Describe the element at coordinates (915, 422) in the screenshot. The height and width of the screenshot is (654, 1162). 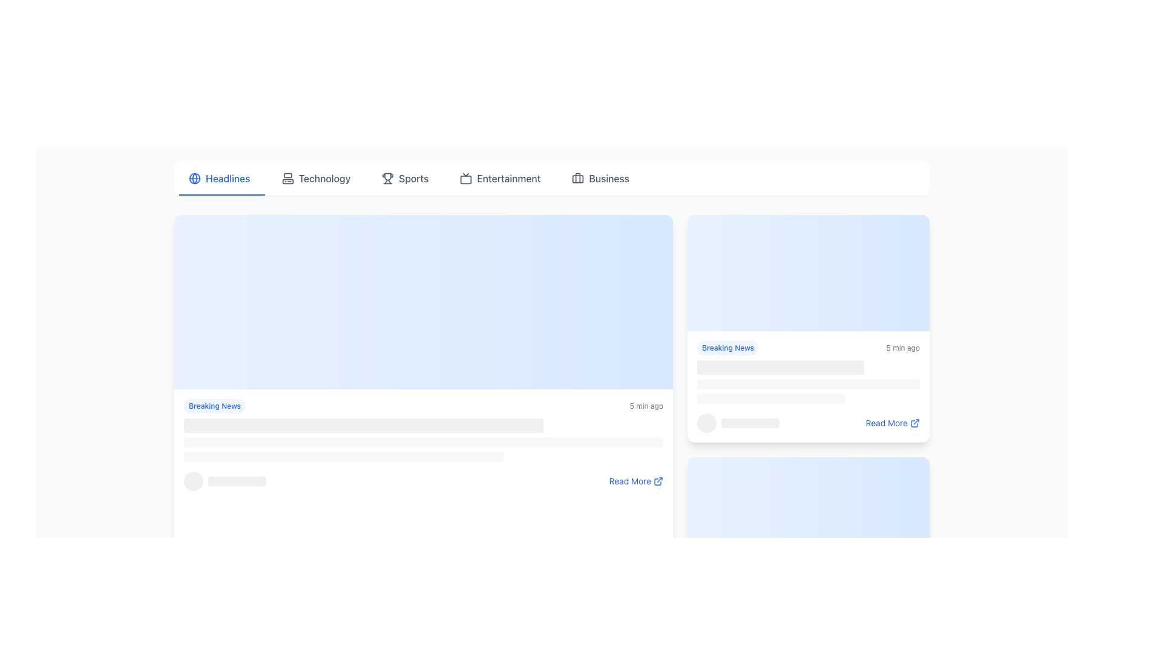
I see `the external link icon located immediately to the right of the 'Read More' text in the second column of the layout` at that location.